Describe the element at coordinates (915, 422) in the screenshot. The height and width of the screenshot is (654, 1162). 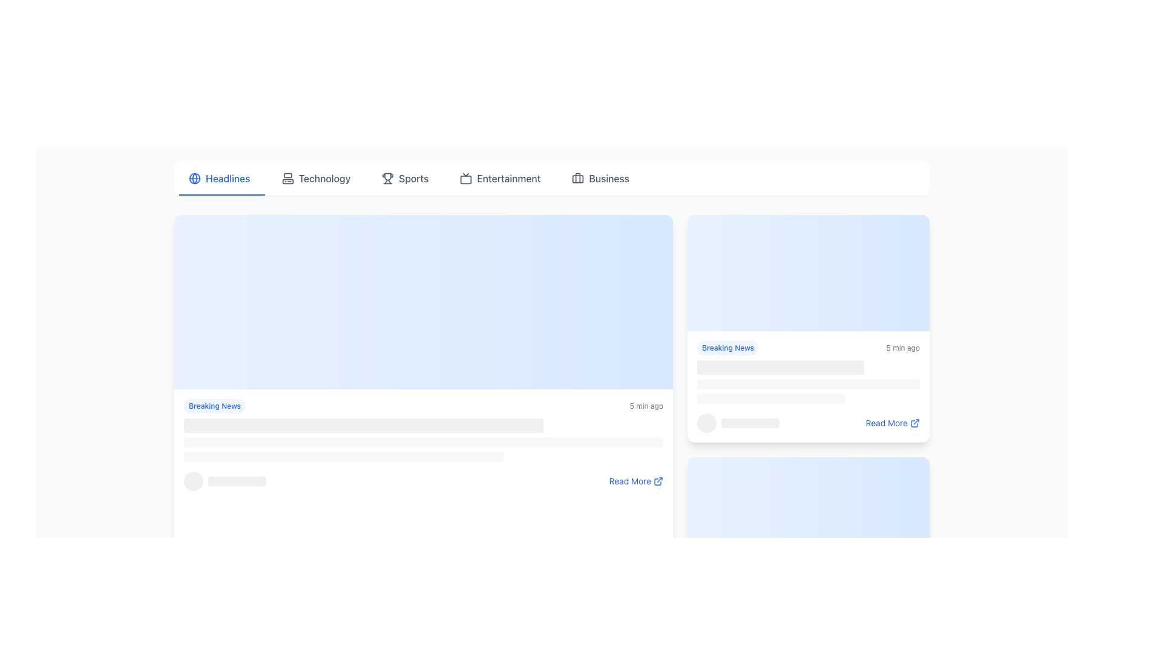
I see `the external link icon located immediately to the right of the 'Read More' text in the second column of the layout` at that location.